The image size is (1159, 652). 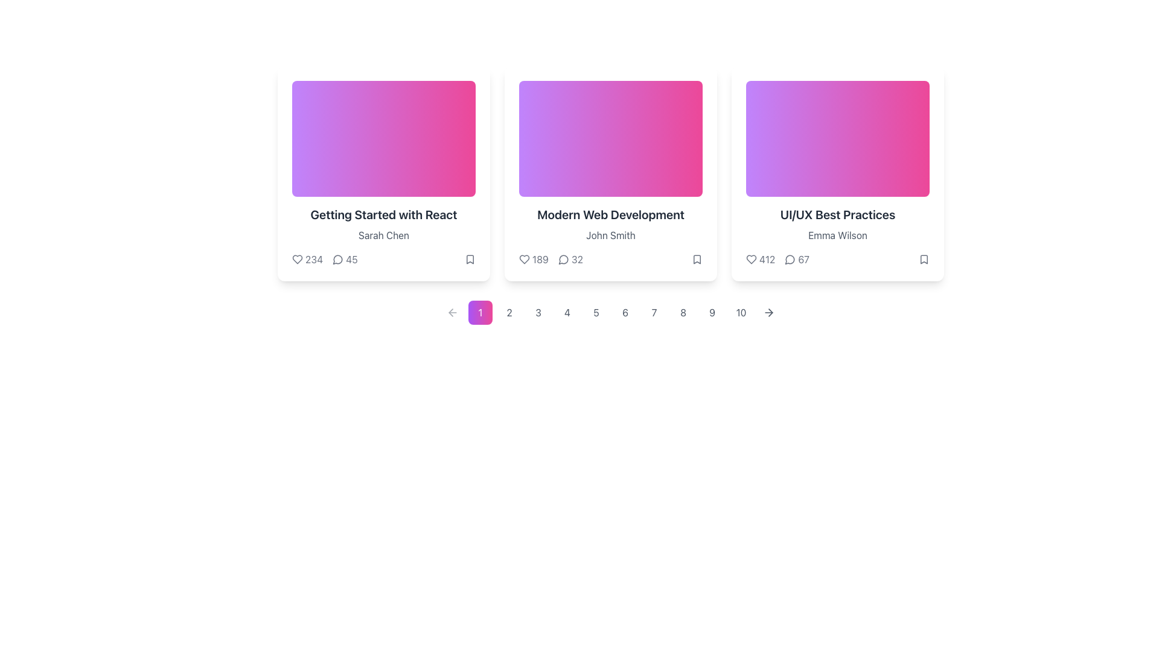 I want to click on the heart icon located adjacent to the numeric count '234' in the like indicator section of the 'Getting Started with React' card to express interest or approval, so click(x=298, y=258).